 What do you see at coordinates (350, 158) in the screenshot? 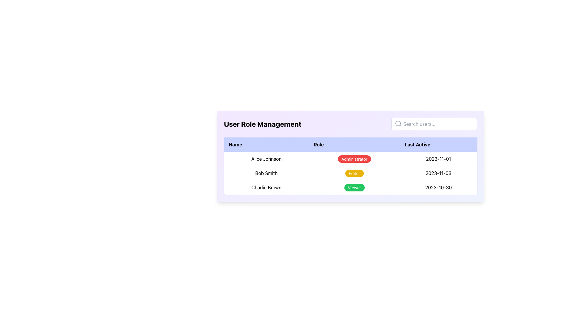
I see `the first Table Row that displays user information including name, role, and last activity date, located directly under the headers 'Name', 'Role', and 'Last Active'` at bounding box center [350, 158].